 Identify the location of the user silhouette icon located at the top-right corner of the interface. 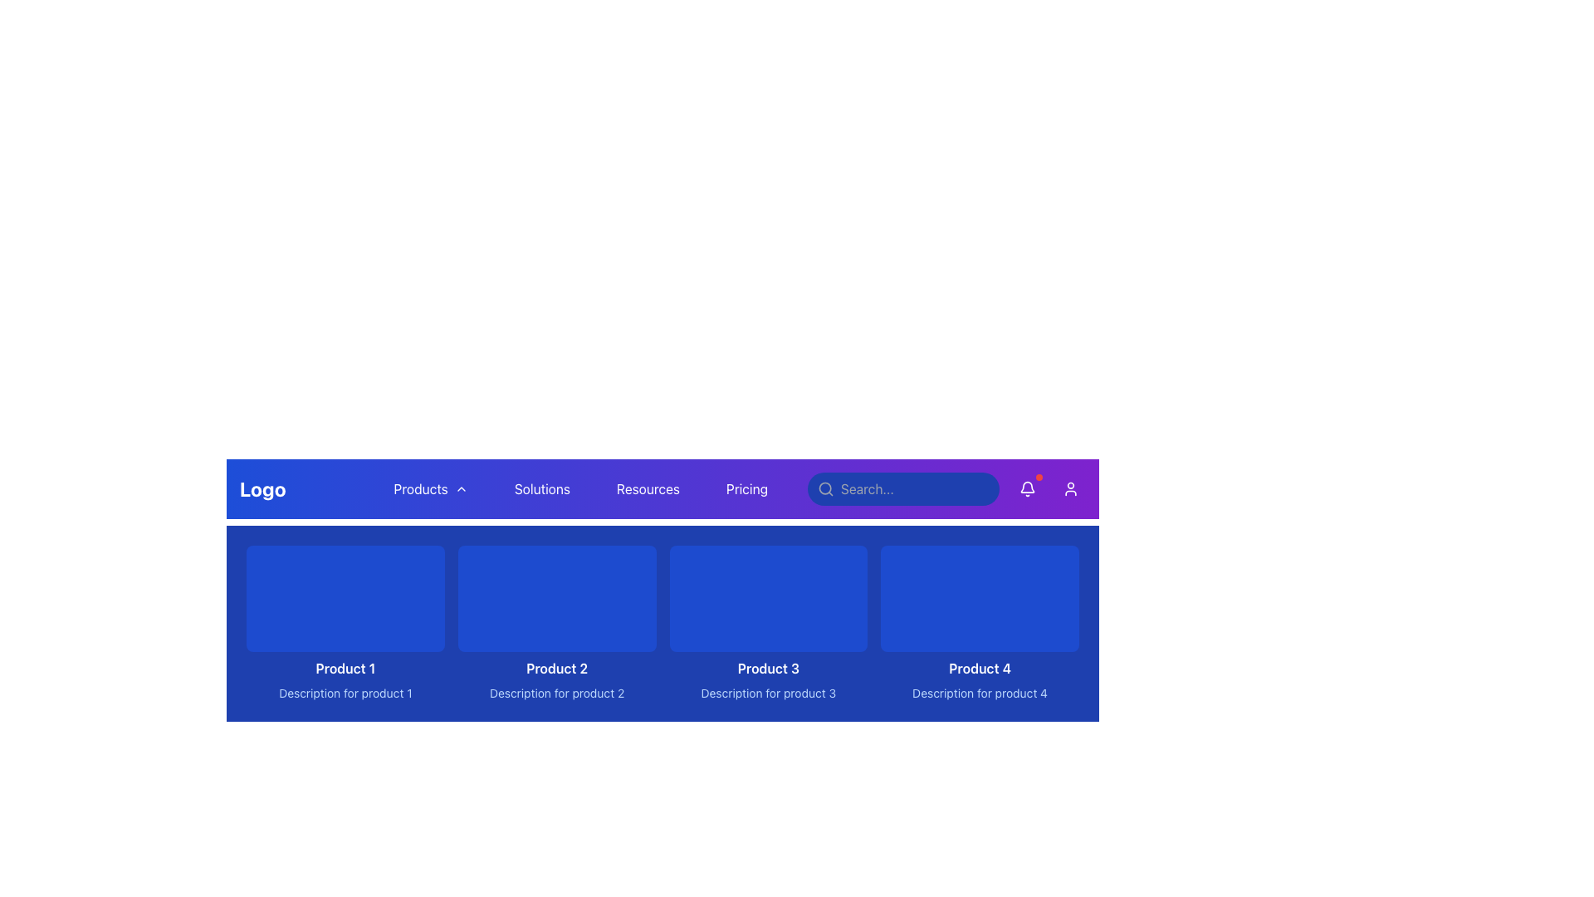
(1071, 488).